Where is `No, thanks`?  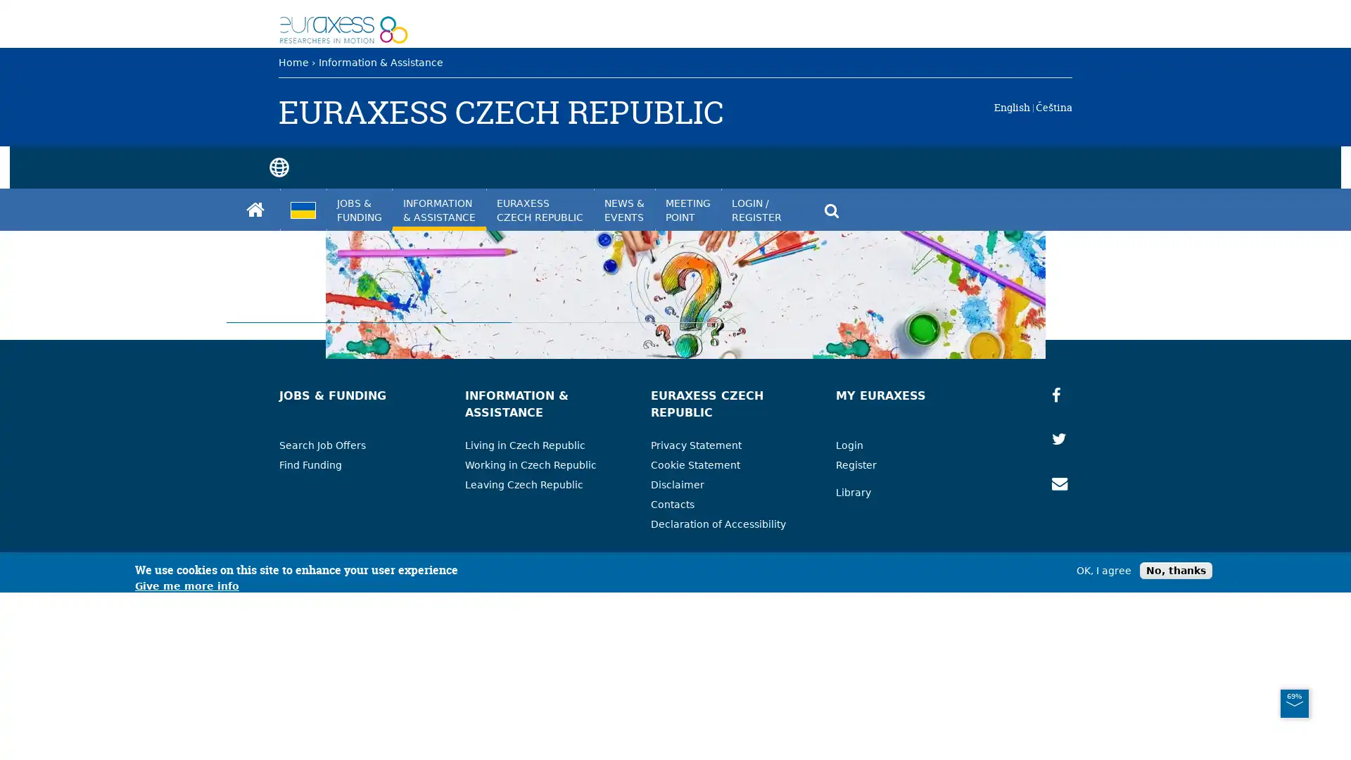 No, thanks is located at coordinates (1176, 737).